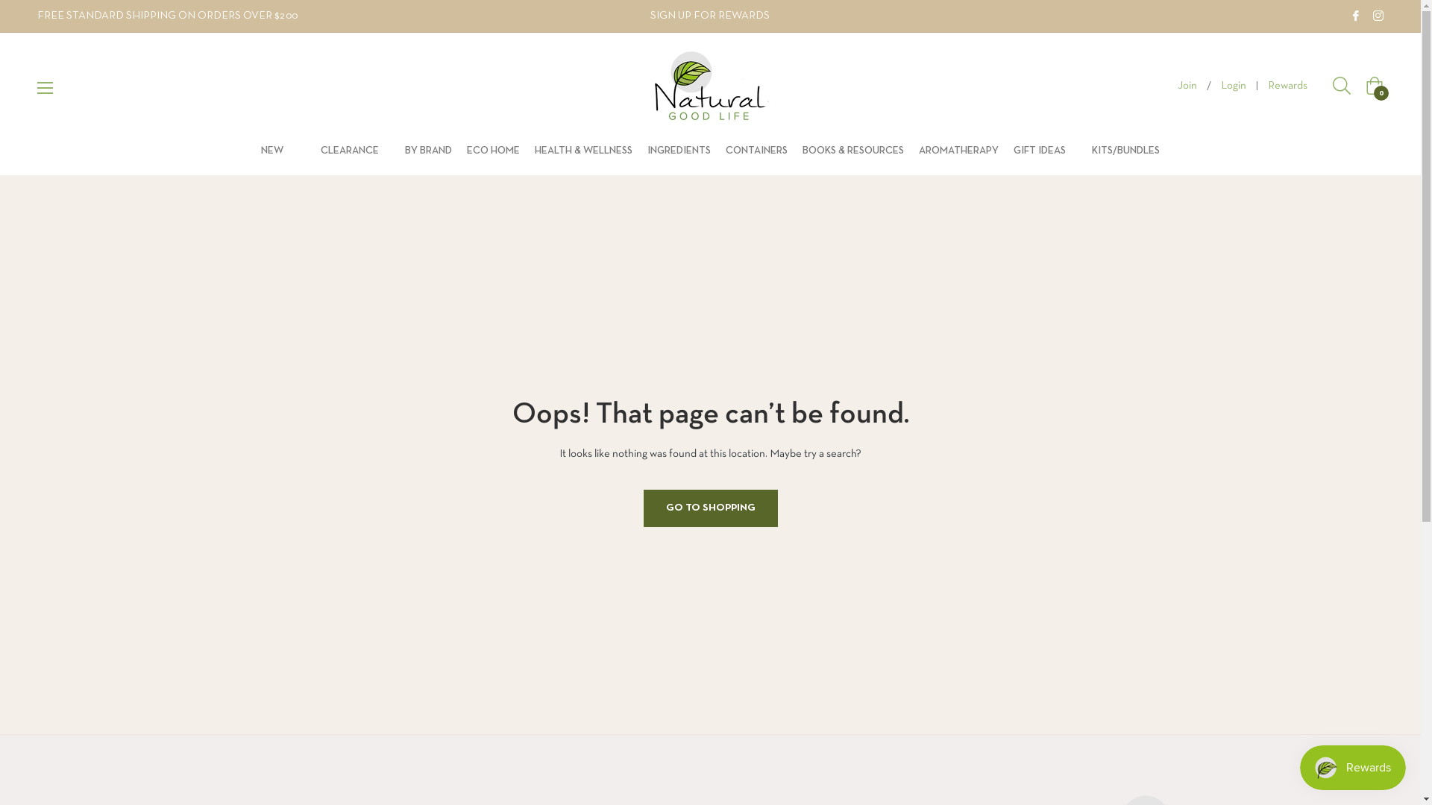 The image size is (1432, 805). Describe the element at coordinates (527, 151) in the screenshot. I see `'HEALTH & WELLNESS'` at that location.